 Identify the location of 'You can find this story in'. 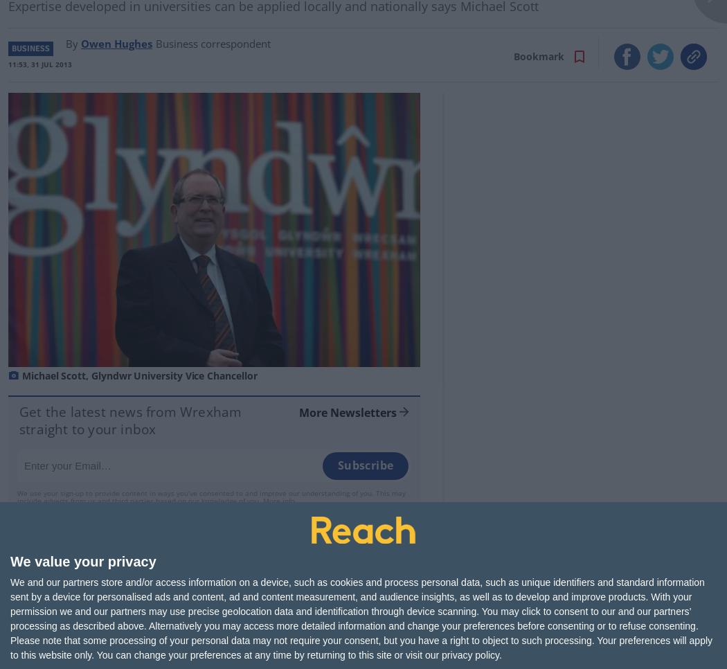
(320, 642).